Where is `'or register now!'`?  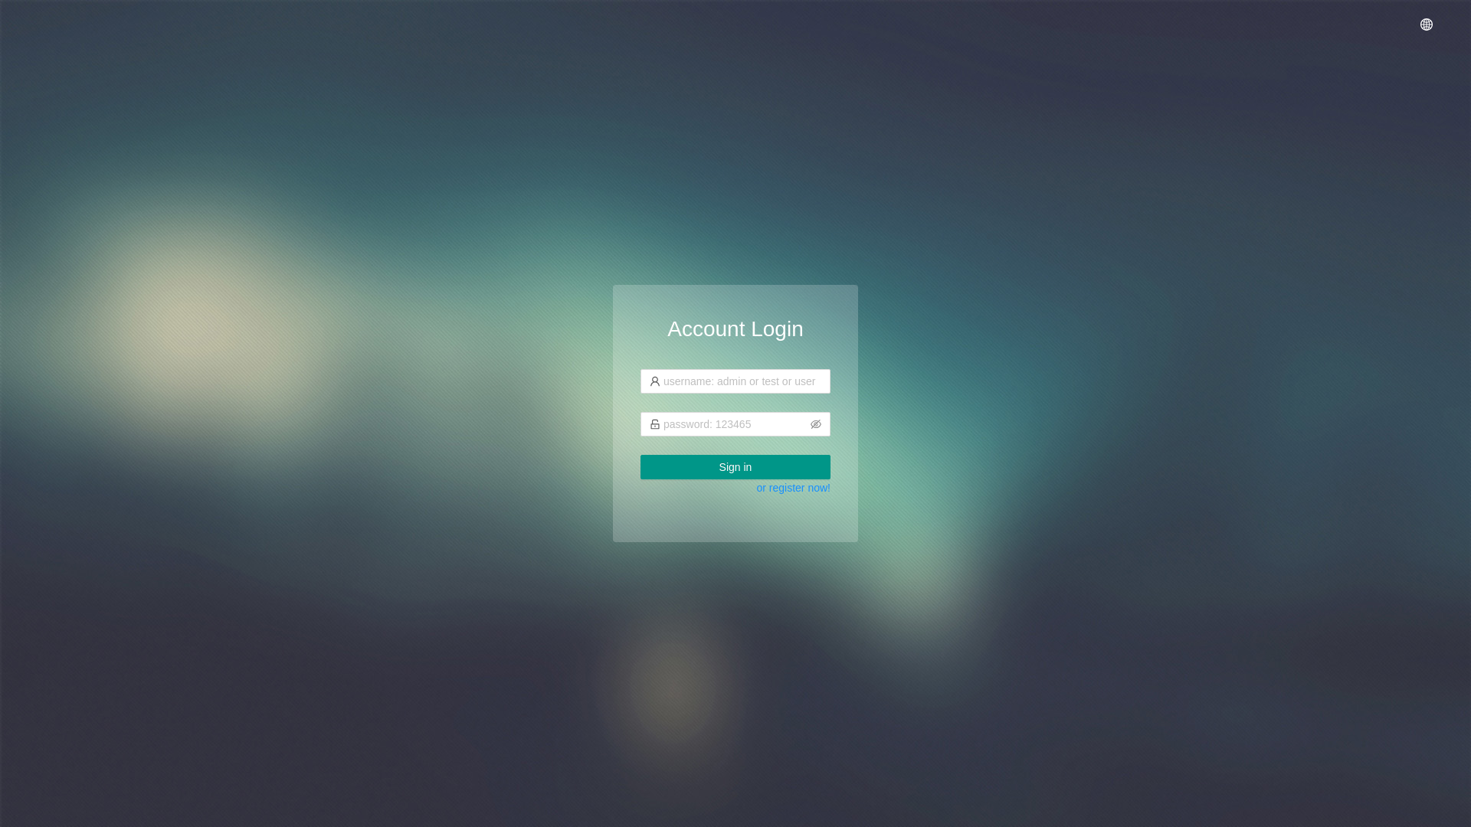
'or register now!' is located at coordinates (757, 487).